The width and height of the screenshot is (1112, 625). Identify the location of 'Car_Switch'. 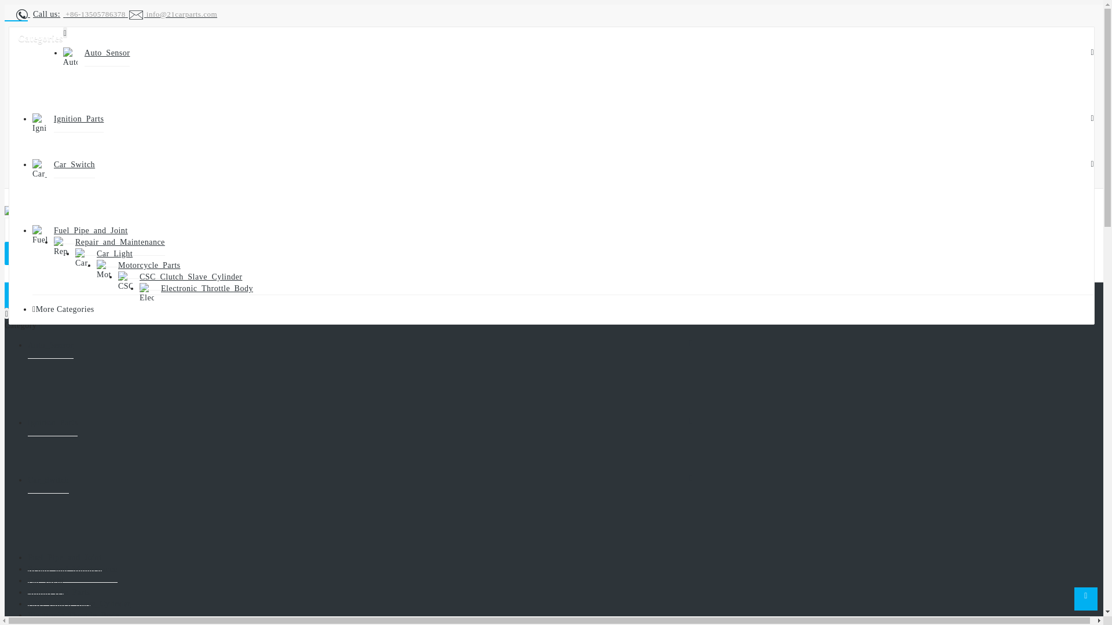
(74, 165).